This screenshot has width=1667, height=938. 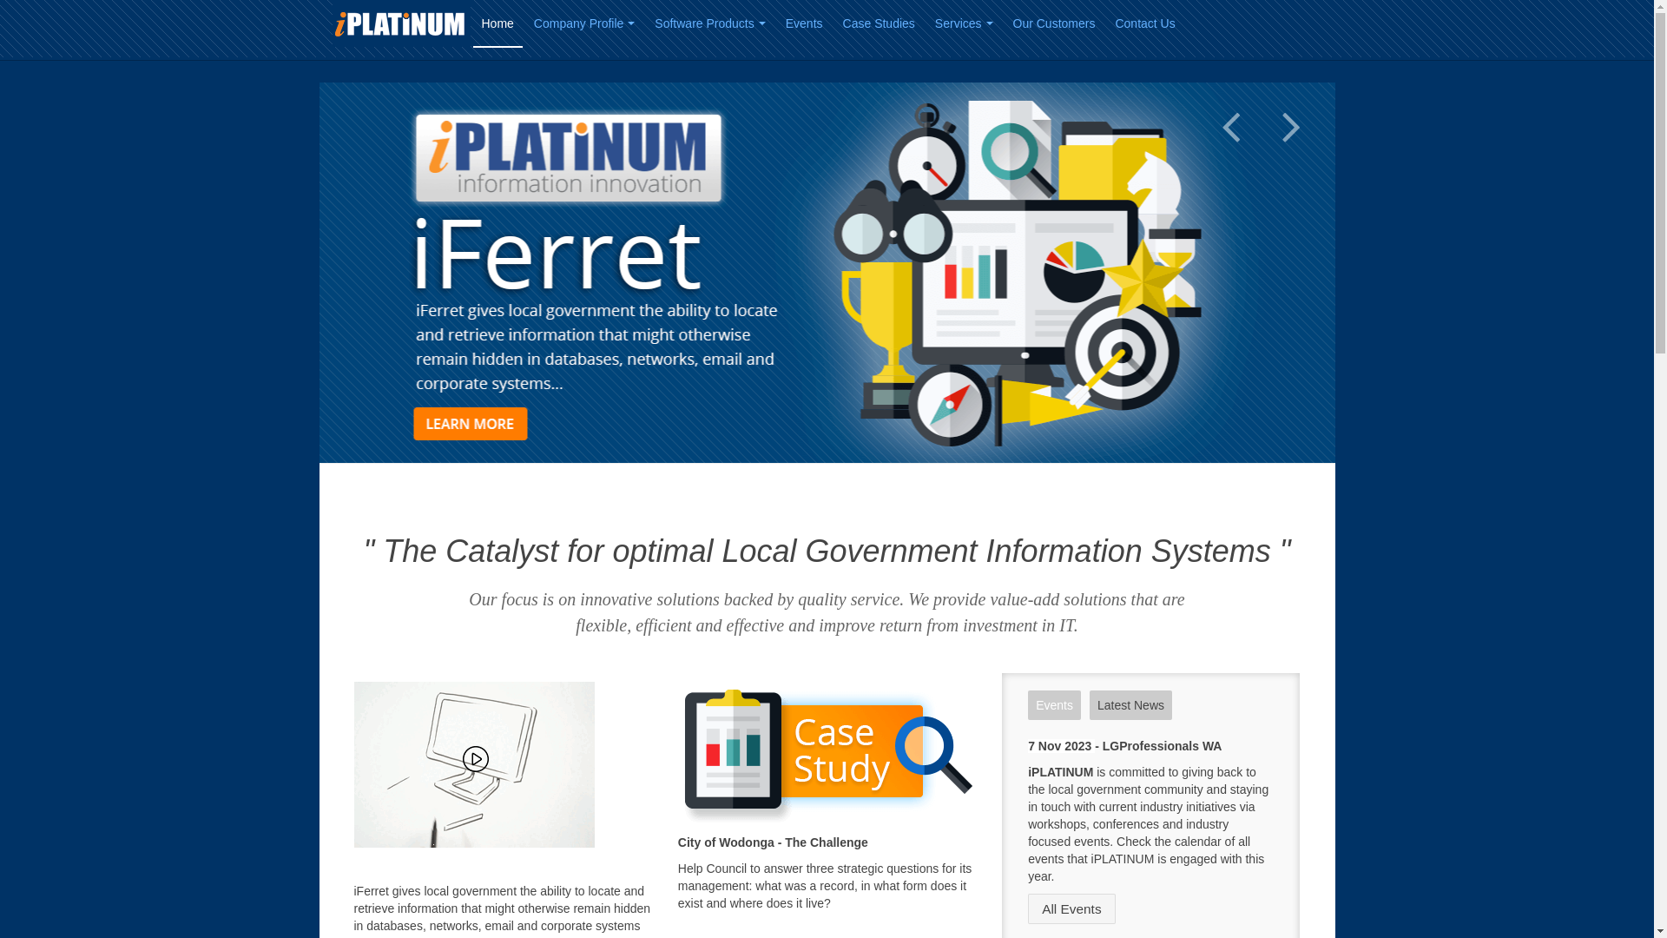 What do you see at coordinates (1144, 23) in the screenshot?
I see `'Contact Us'` at bounding box center [1144, 23].